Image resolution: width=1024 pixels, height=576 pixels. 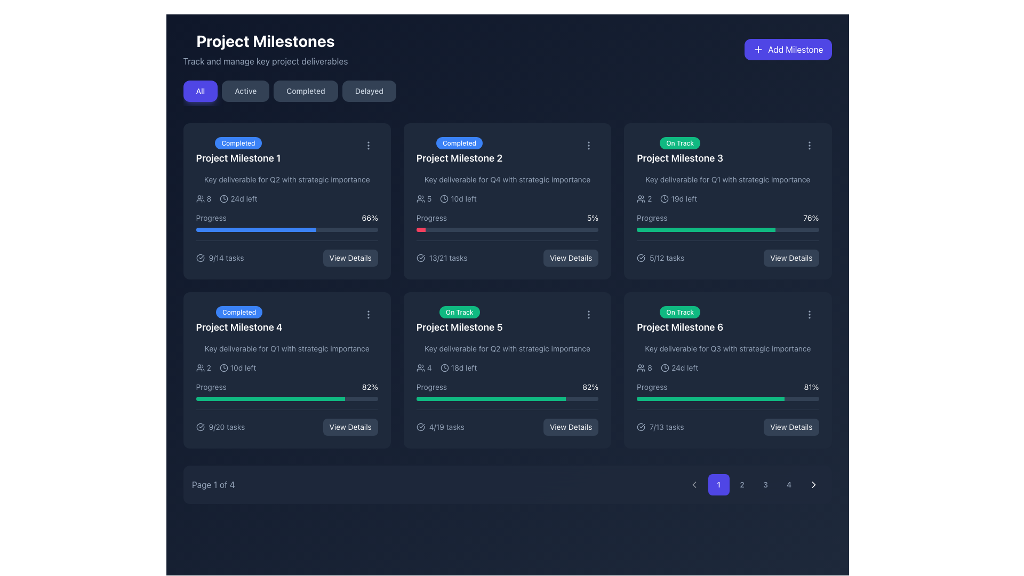 I want to click on the icon button located at the top-right corner of the 'Project Milestone 1' card, so click(x=368, y=146).